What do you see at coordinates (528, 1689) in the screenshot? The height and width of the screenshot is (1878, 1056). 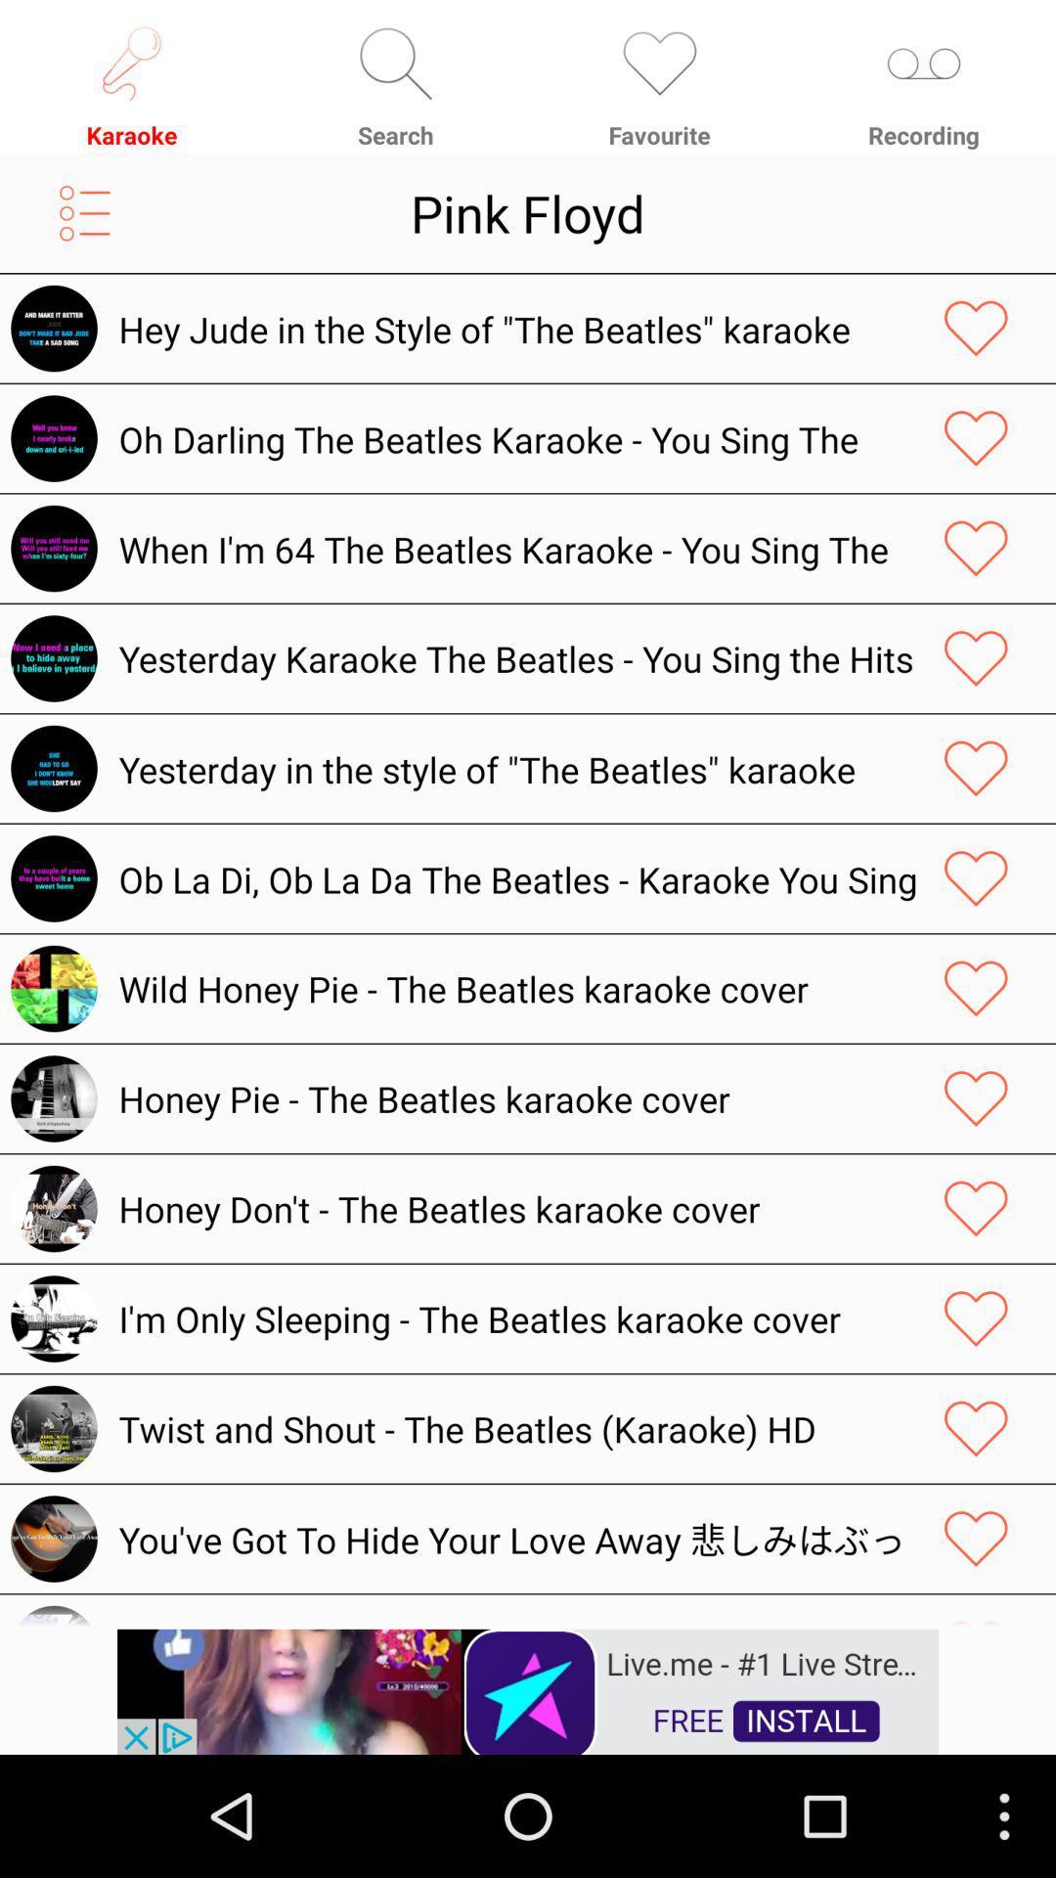 I see `link to advertisement` at bounding box center [528, 1689].